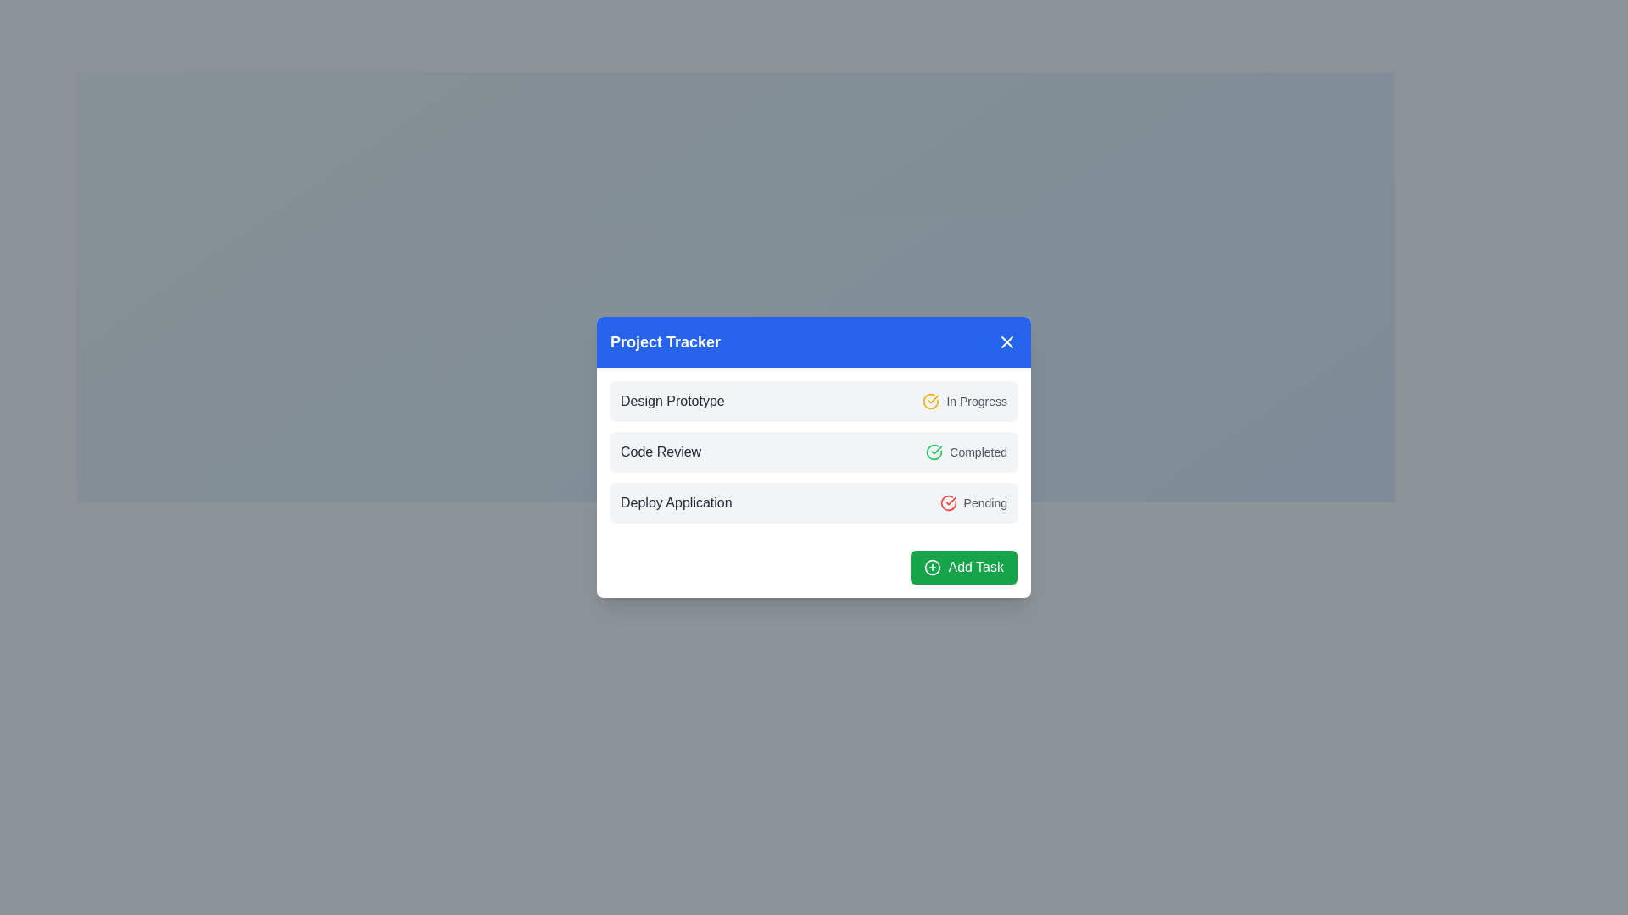 This screenshot has height=915, width=1628. What do you see at coordinates (1007, 342) in the screenshot?
I see `the close button located in the upper-right corner of the blue header section titled 'Project Tracker'` at bounding box center [1007, 342].